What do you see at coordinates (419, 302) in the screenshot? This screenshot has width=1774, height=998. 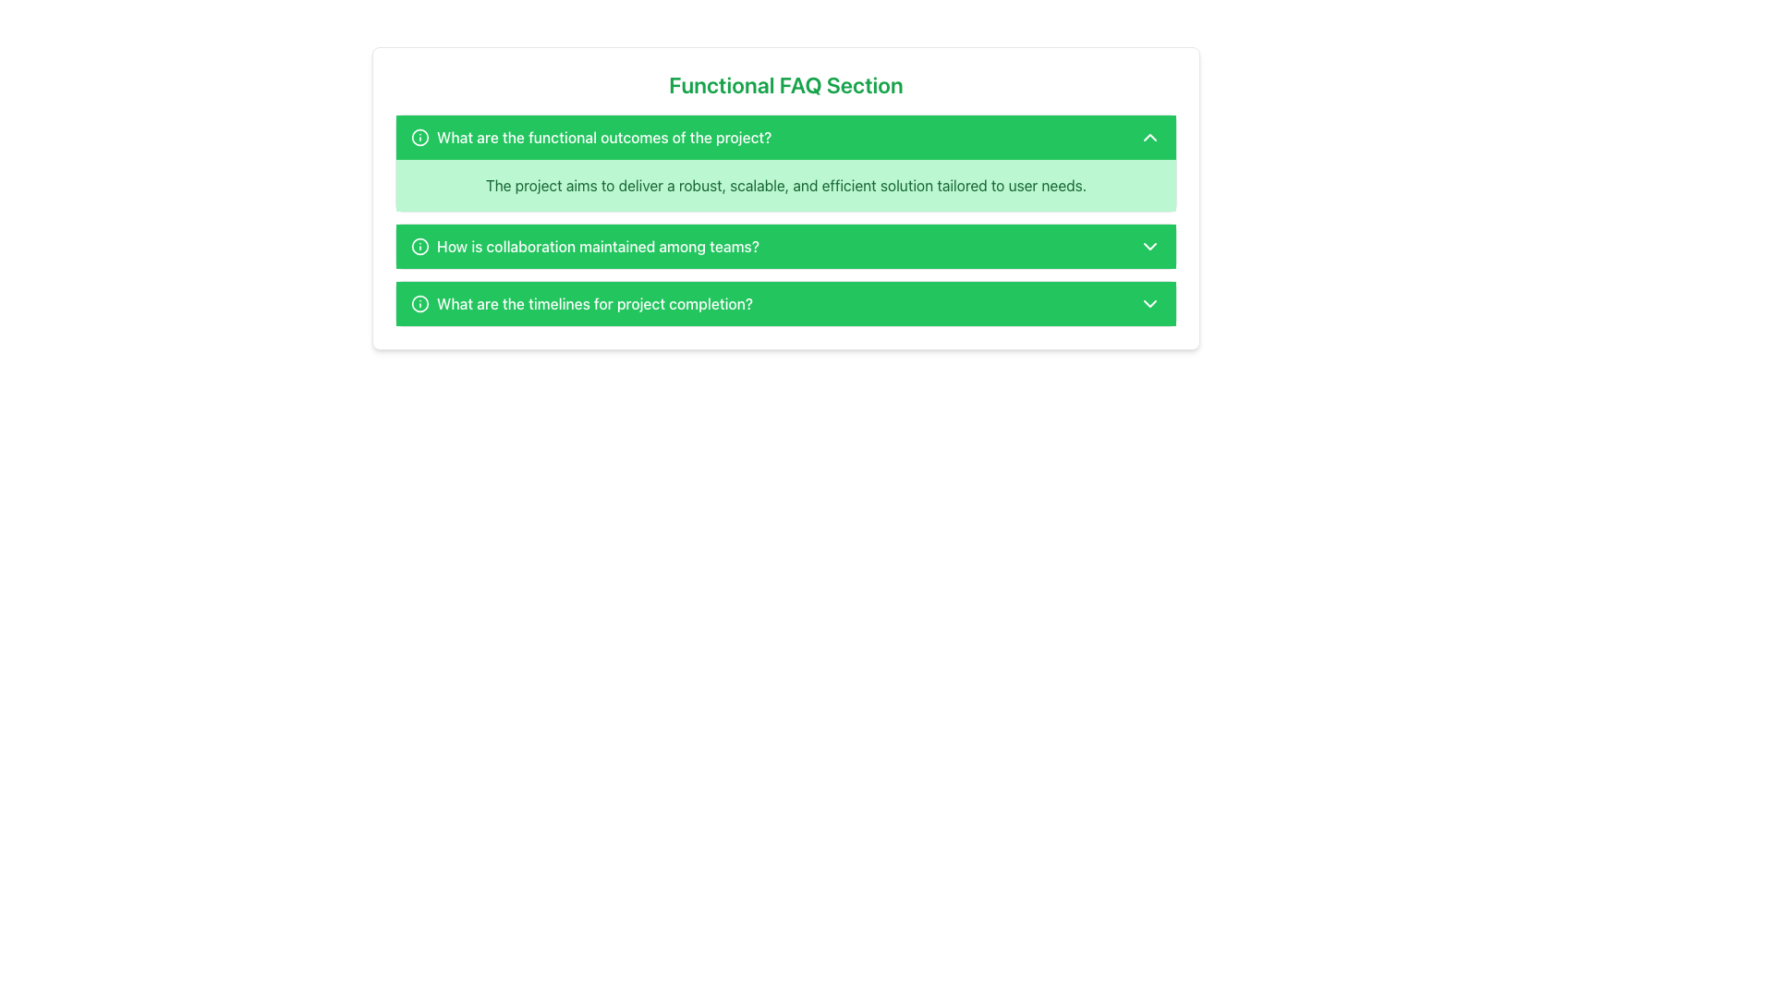 I see `the first icon to the left of the text 'What are the timelines for project completion?' in the FAQ section` at bounding box center [419, 302].